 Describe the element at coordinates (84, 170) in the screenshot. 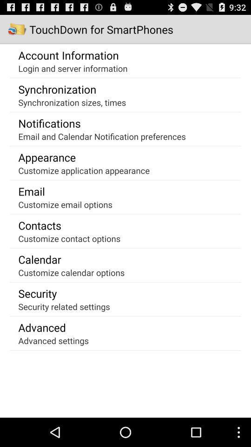

I see `the item below the appearance app` at that location.